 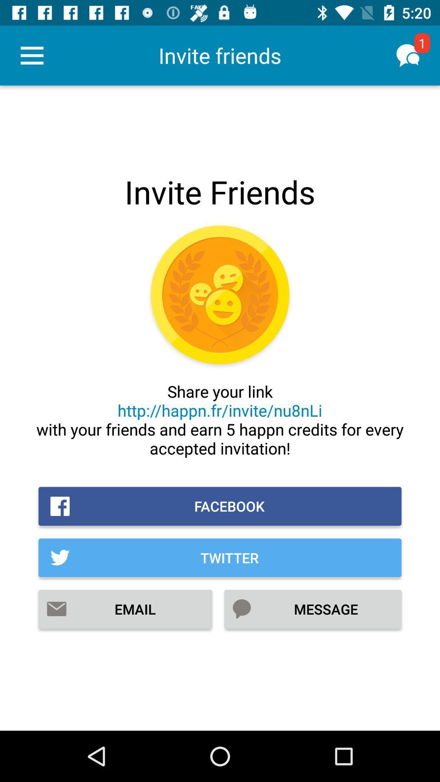 What do you see at coordinates (220, 506) in the screenshot?
I see `facebook item` at bounding box center [220, 506].